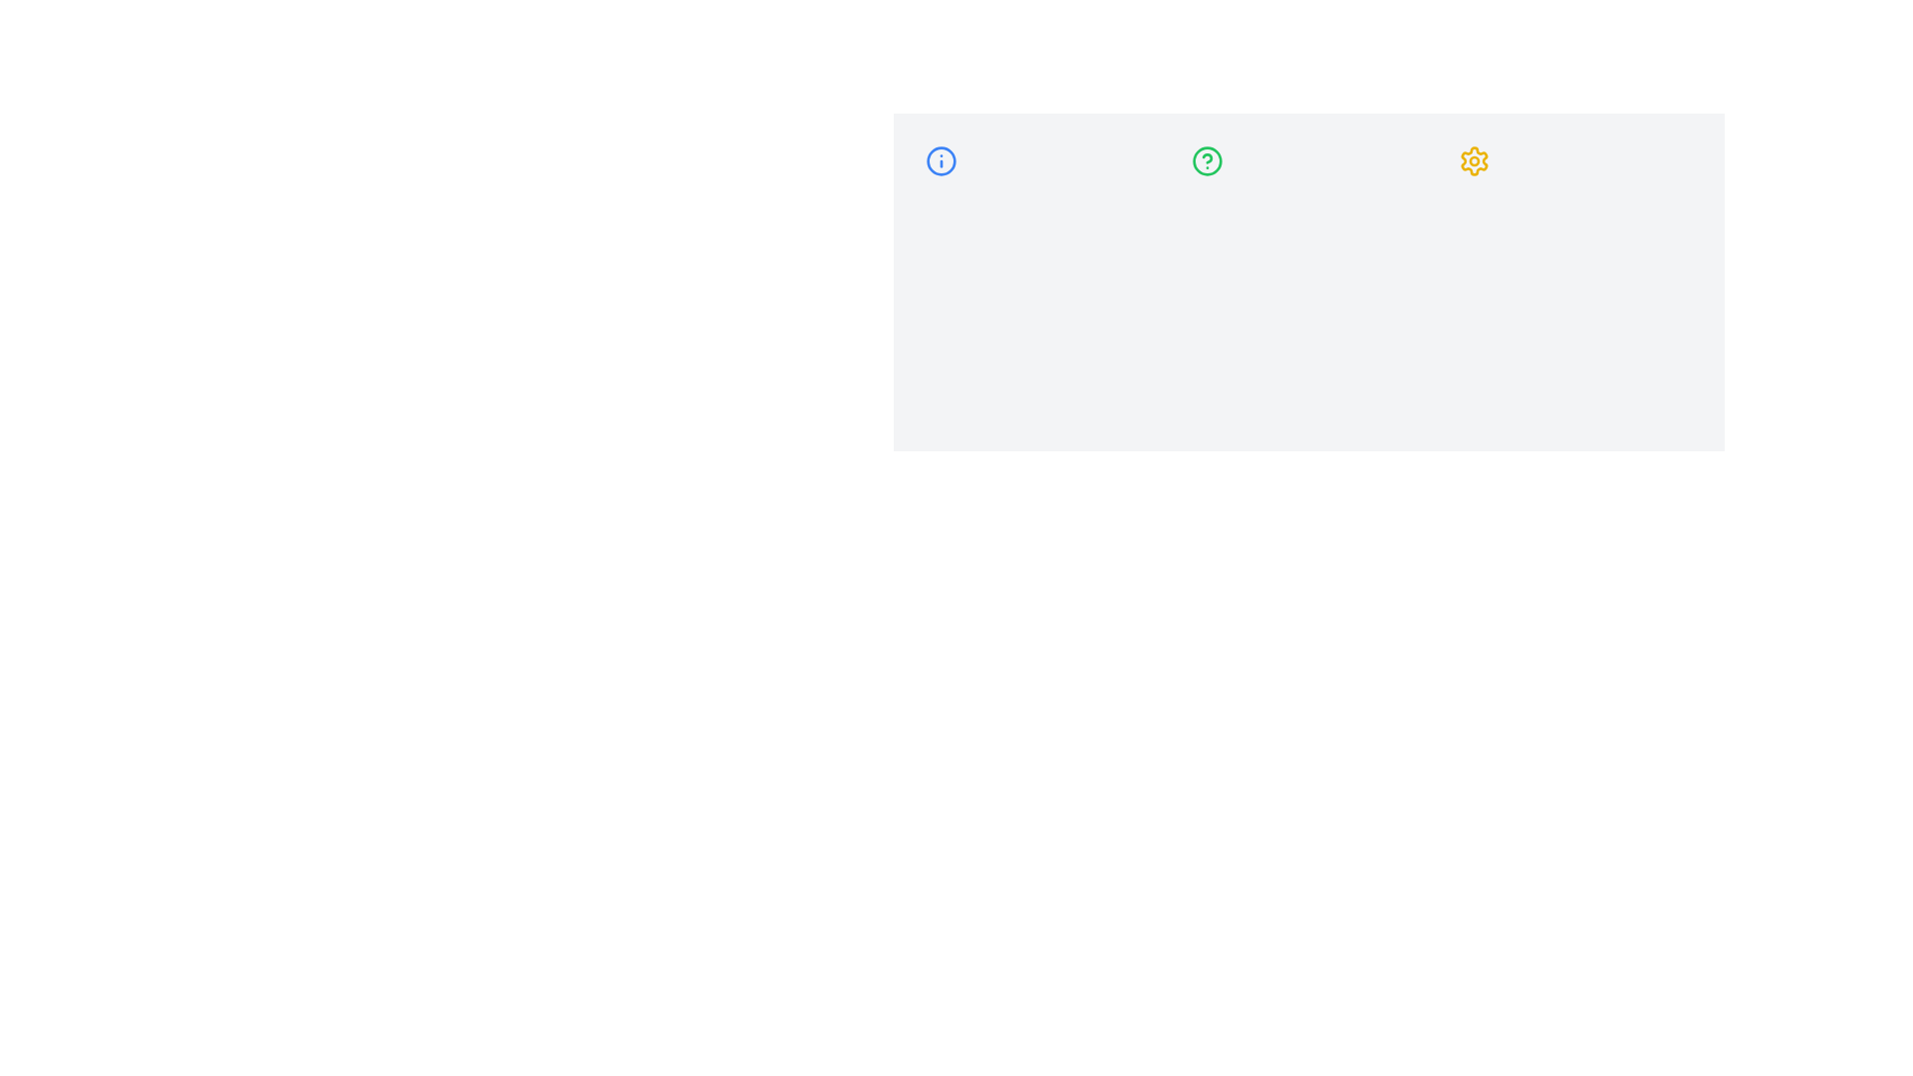 The width and height of the screenshot is (1913, 1076). I want to click on the background circle of the icon located at the top-left corner of the interface, so click(941, 160).